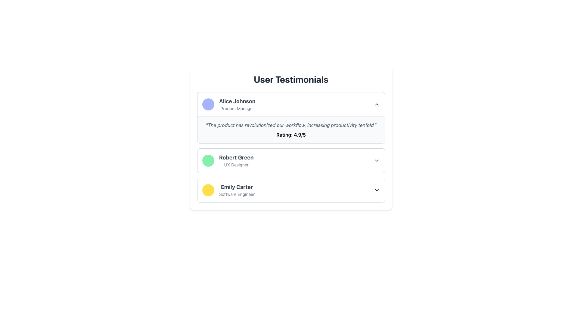 This screenshot has width=578, height=325. Describe the element at coordinates (291, 190) in the screenshot. I see `the third selectable list item in the 'User Testimonials' section` at that location.